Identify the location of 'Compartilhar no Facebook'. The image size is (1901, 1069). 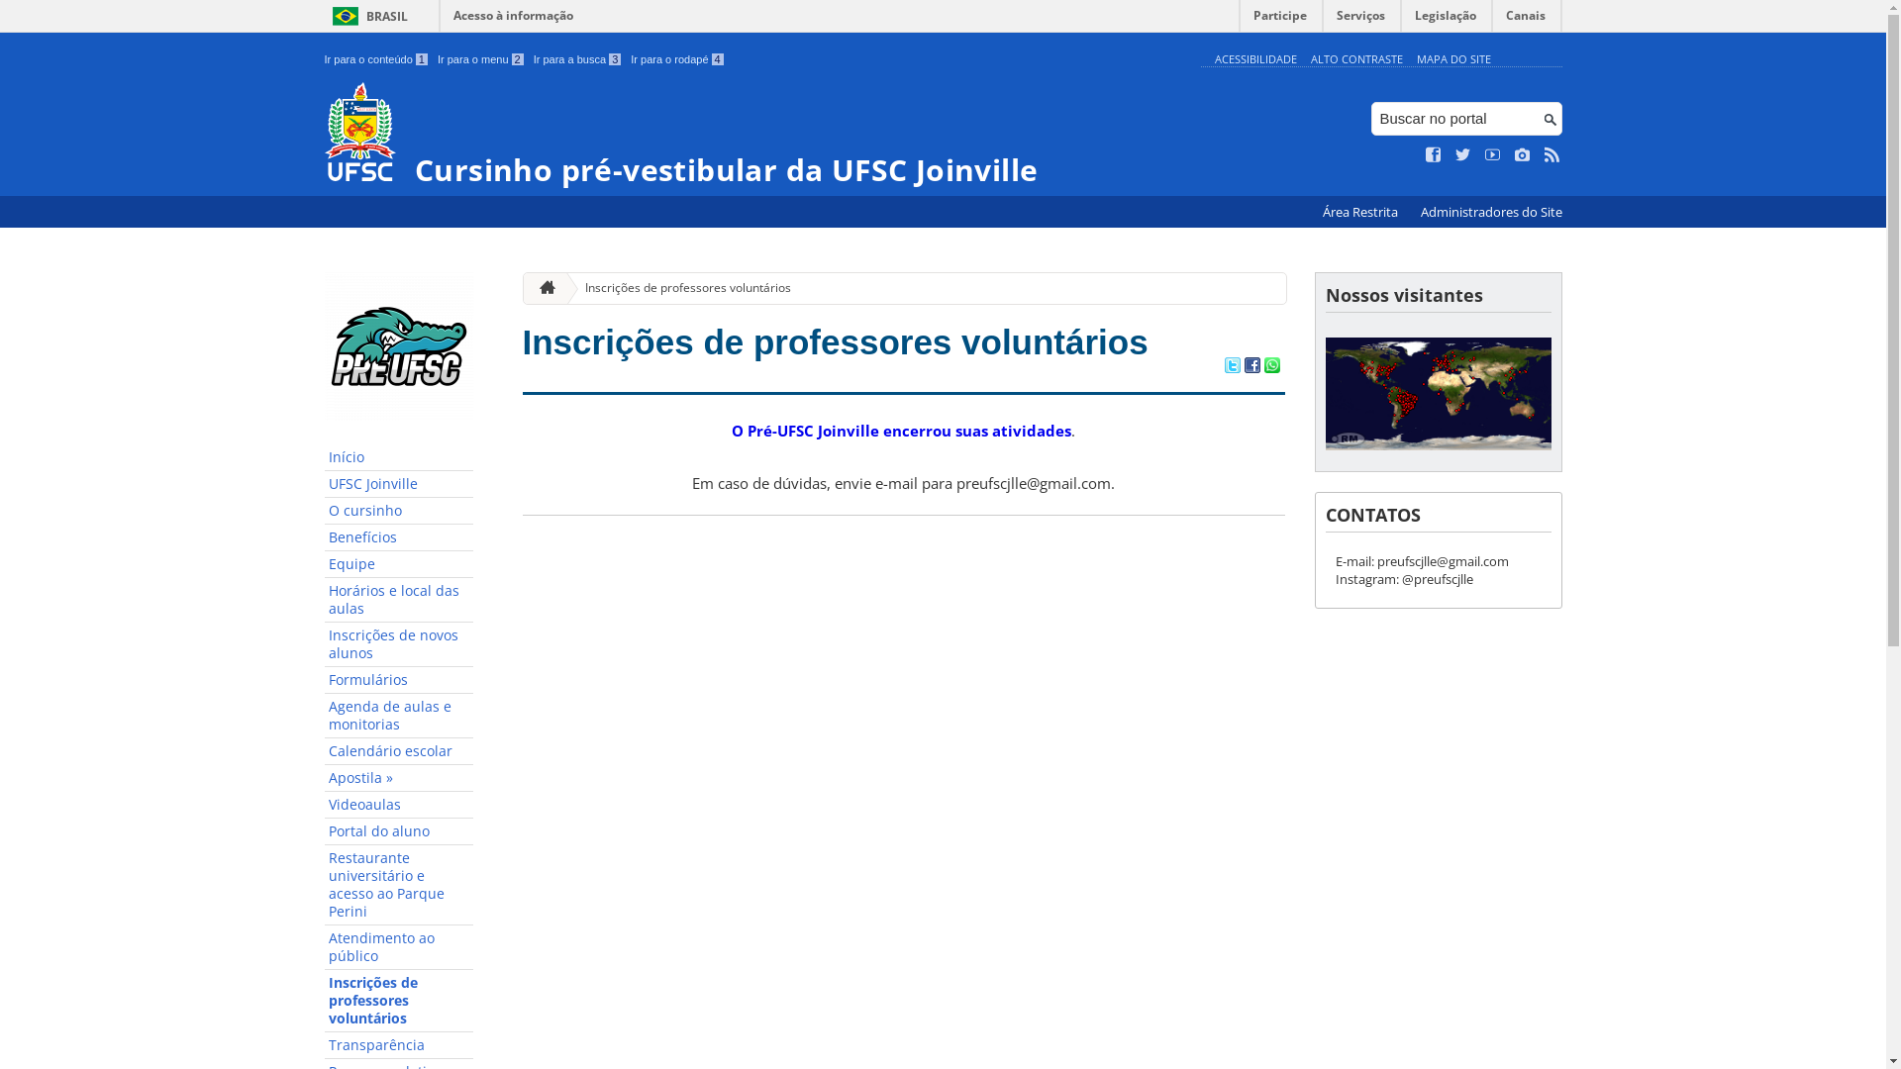
(1243, 366).